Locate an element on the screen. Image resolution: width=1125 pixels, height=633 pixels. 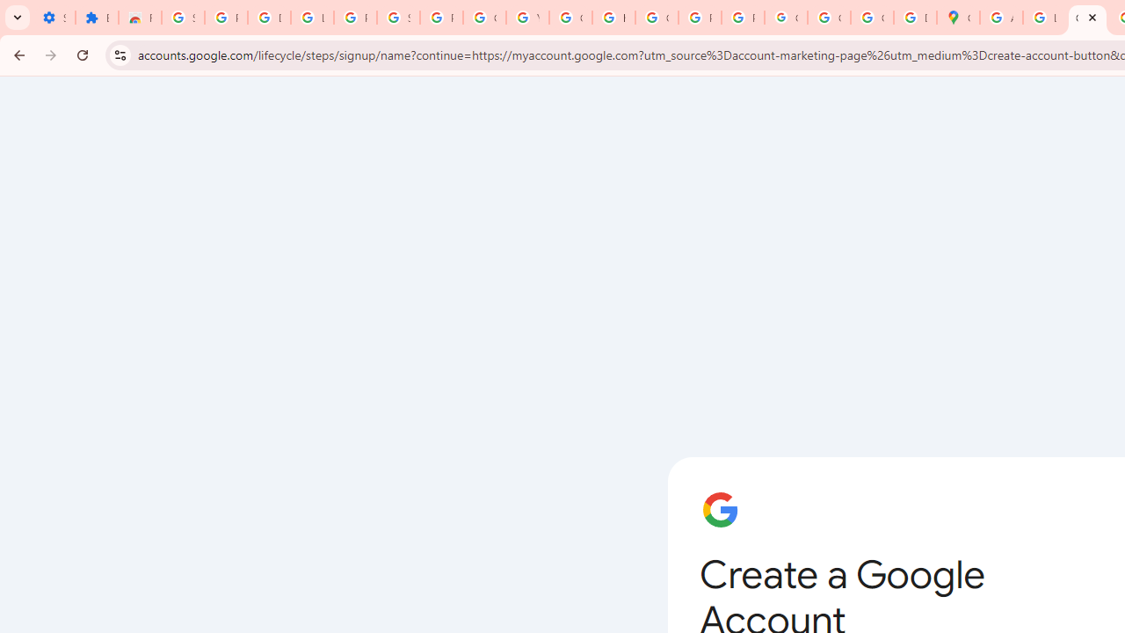
'Create your Google Account' is located at coordinates (1086, 18).